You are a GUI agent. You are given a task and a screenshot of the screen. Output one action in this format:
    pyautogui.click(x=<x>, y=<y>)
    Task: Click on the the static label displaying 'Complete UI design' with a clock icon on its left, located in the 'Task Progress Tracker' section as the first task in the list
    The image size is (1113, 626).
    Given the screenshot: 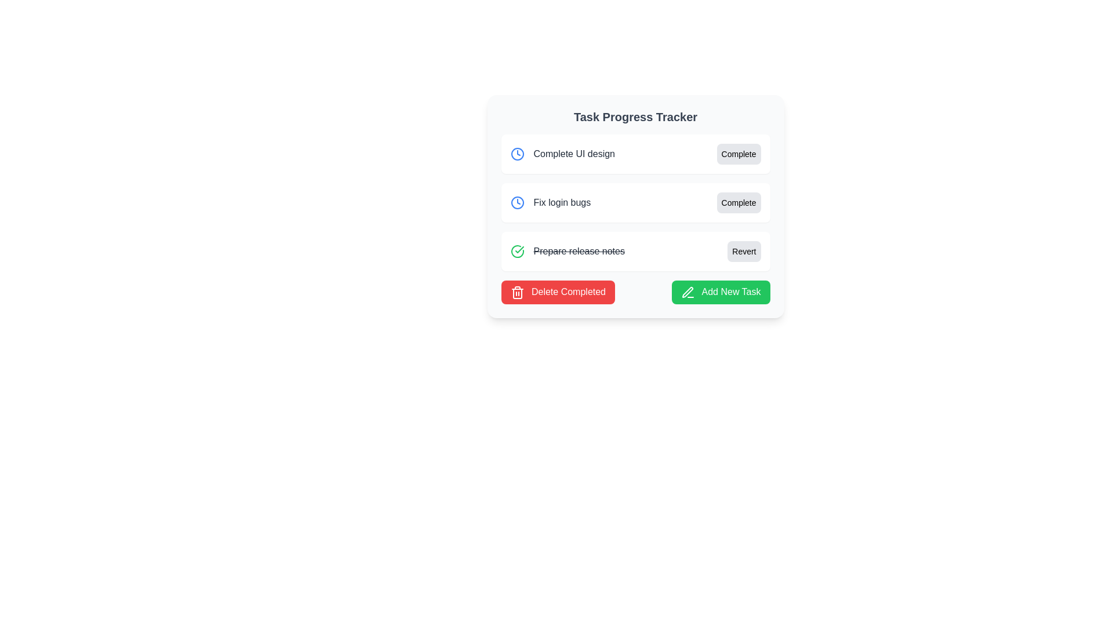 What is the action you would take?
    pyautogui.click(x=562, y=154)
    